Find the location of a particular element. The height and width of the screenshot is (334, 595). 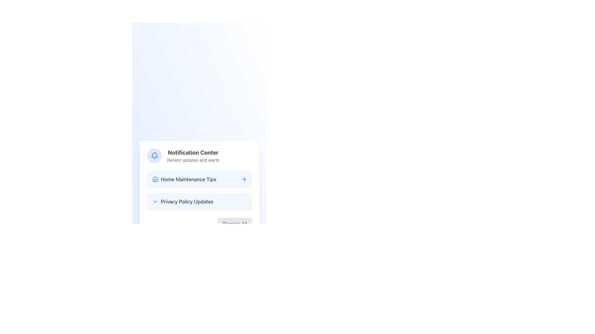

the text label reading 'Home Maintenance Tips' for informational purposes is located at coordinates (188, 179).